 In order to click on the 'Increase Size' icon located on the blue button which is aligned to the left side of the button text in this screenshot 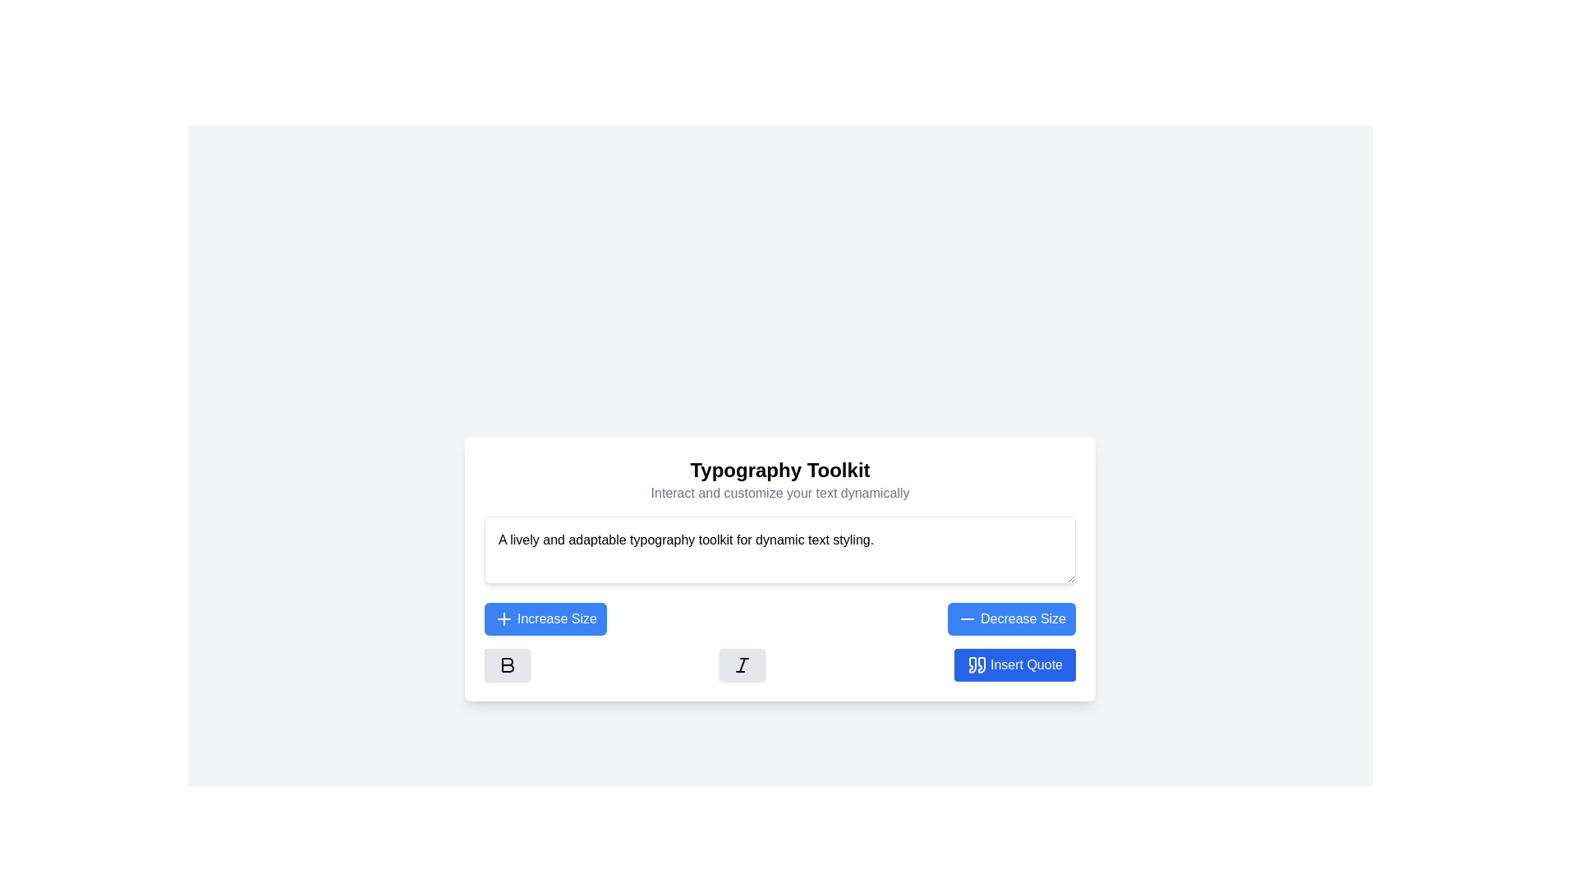, I will do `click(503, 618)`.